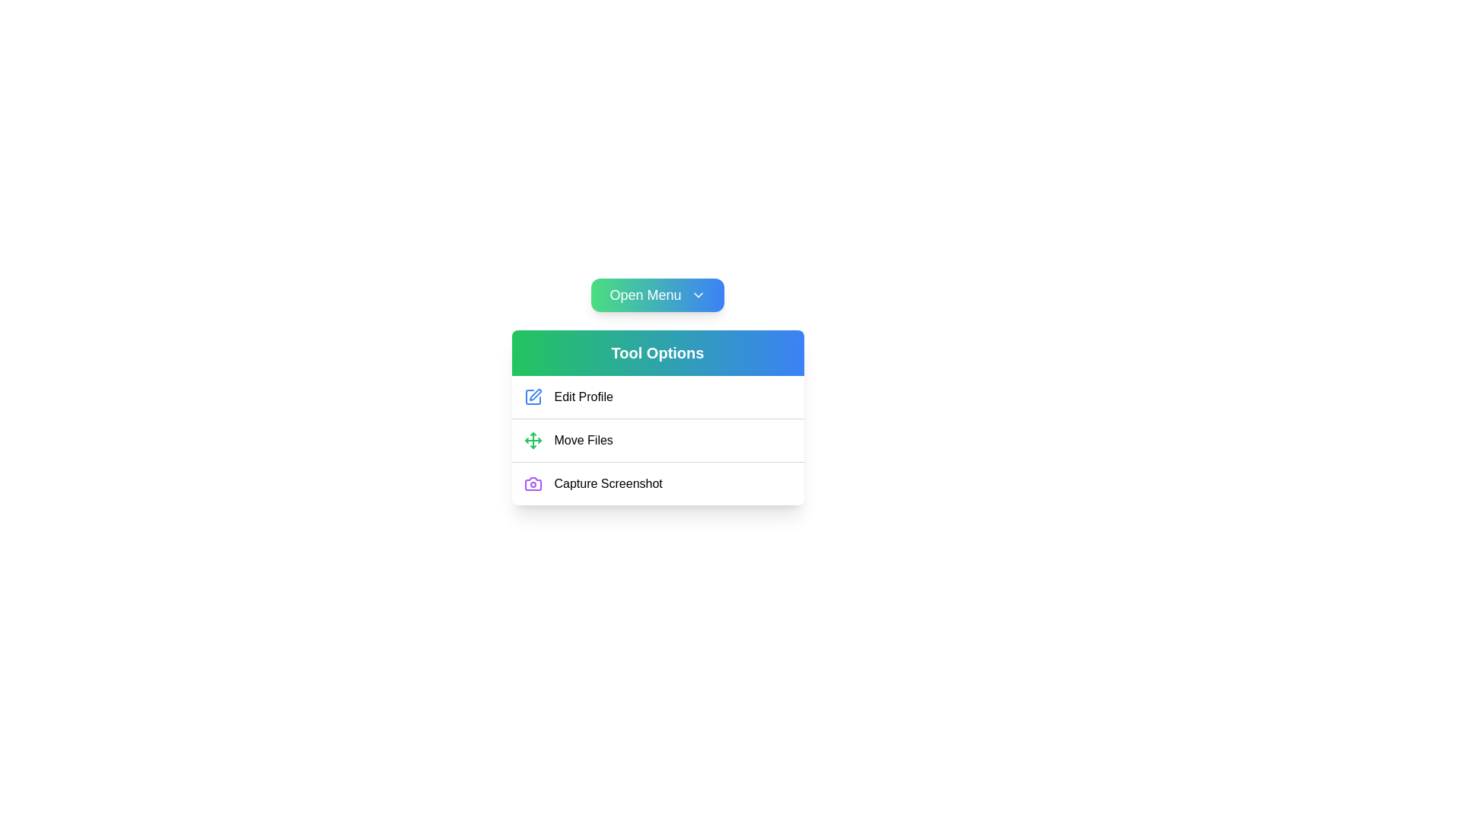 The image size is (1461, 822). Describe the element at coordinates (657, 483) in the screenshot. I see `the screenshot button located as the third item in the vertical menu, beneath 'Edit Profile' and 'Move Files'` at that location.